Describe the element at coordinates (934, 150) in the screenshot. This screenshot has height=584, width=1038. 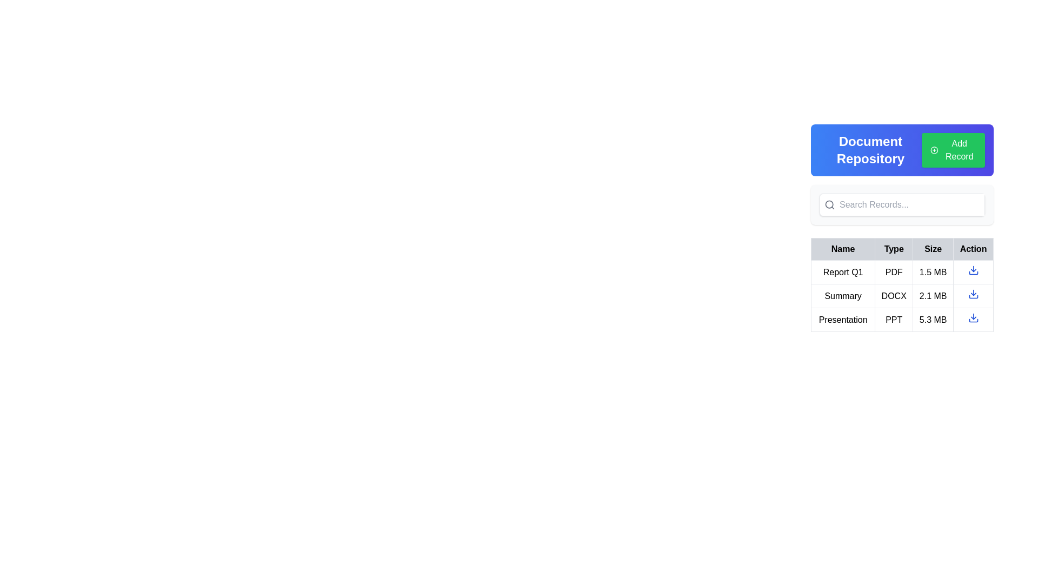
I see `the add record icon located at the top-right inside the green 'Add Record' button, positioned to the left of the text 'Add Record'` at that location.